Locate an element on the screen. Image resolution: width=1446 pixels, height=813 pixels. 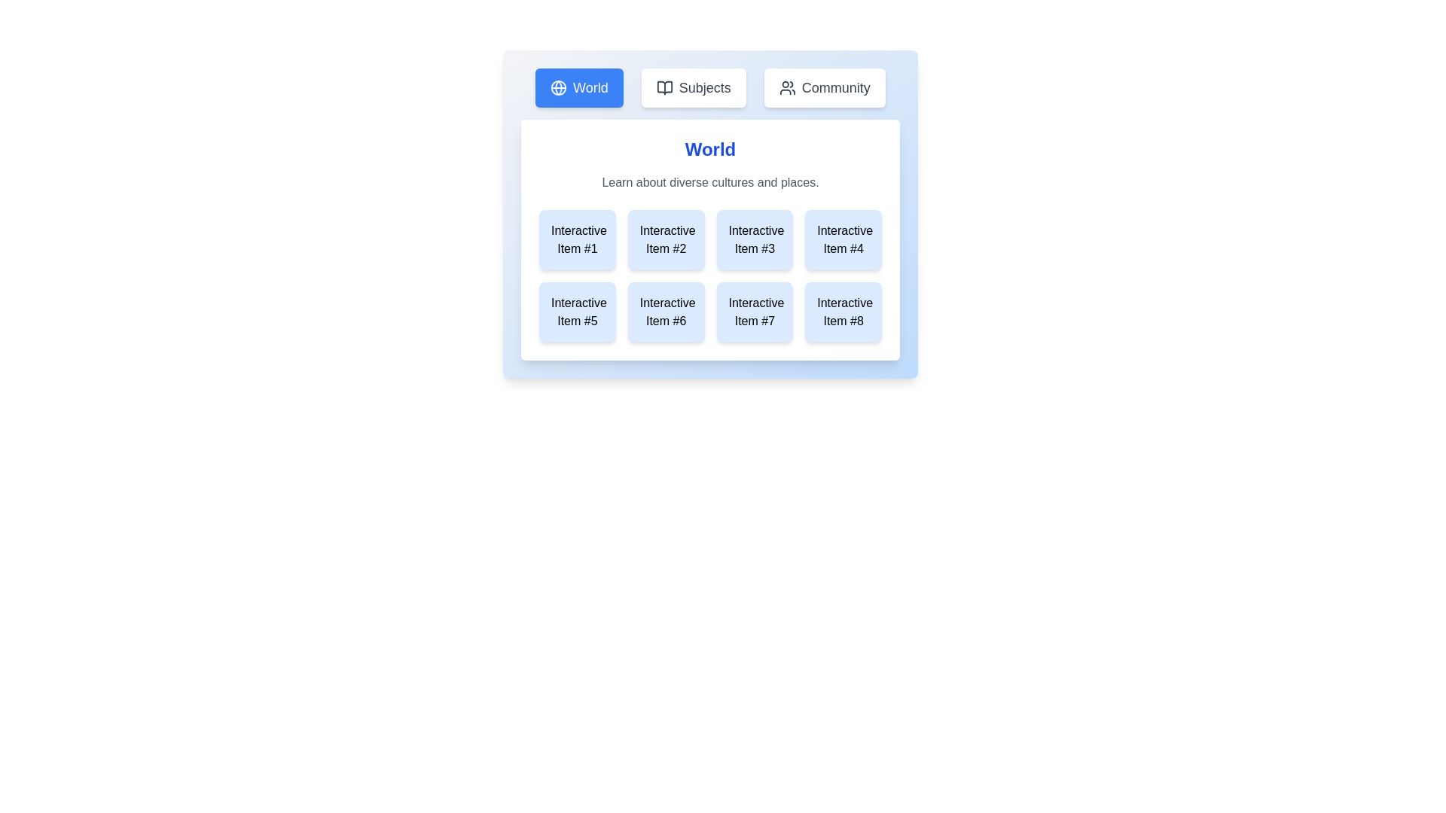
the Community tab to switch views is located at coordinates (824, 87).